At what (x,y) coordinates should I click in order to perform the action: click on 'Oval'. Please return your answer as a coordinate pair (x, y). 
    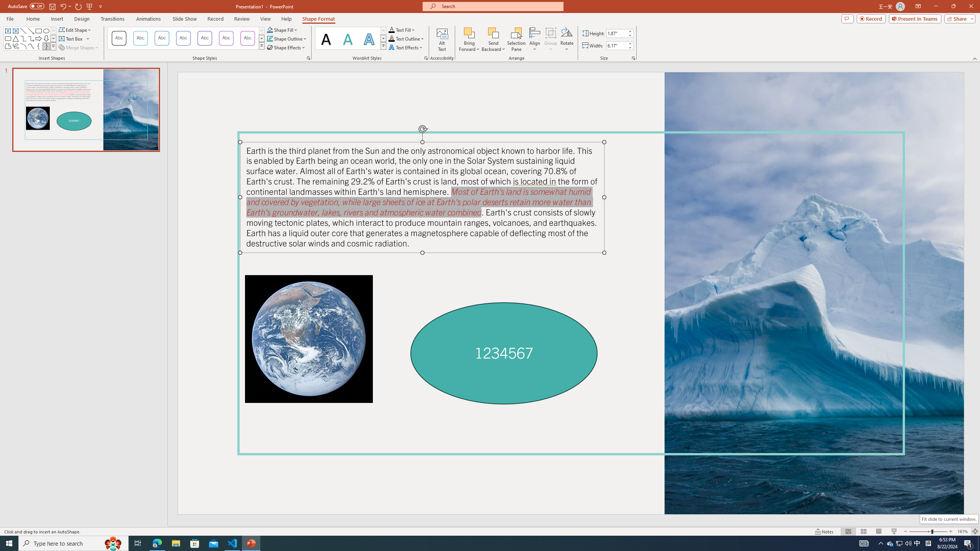
    Looking at the image, I should click on (46, 31).